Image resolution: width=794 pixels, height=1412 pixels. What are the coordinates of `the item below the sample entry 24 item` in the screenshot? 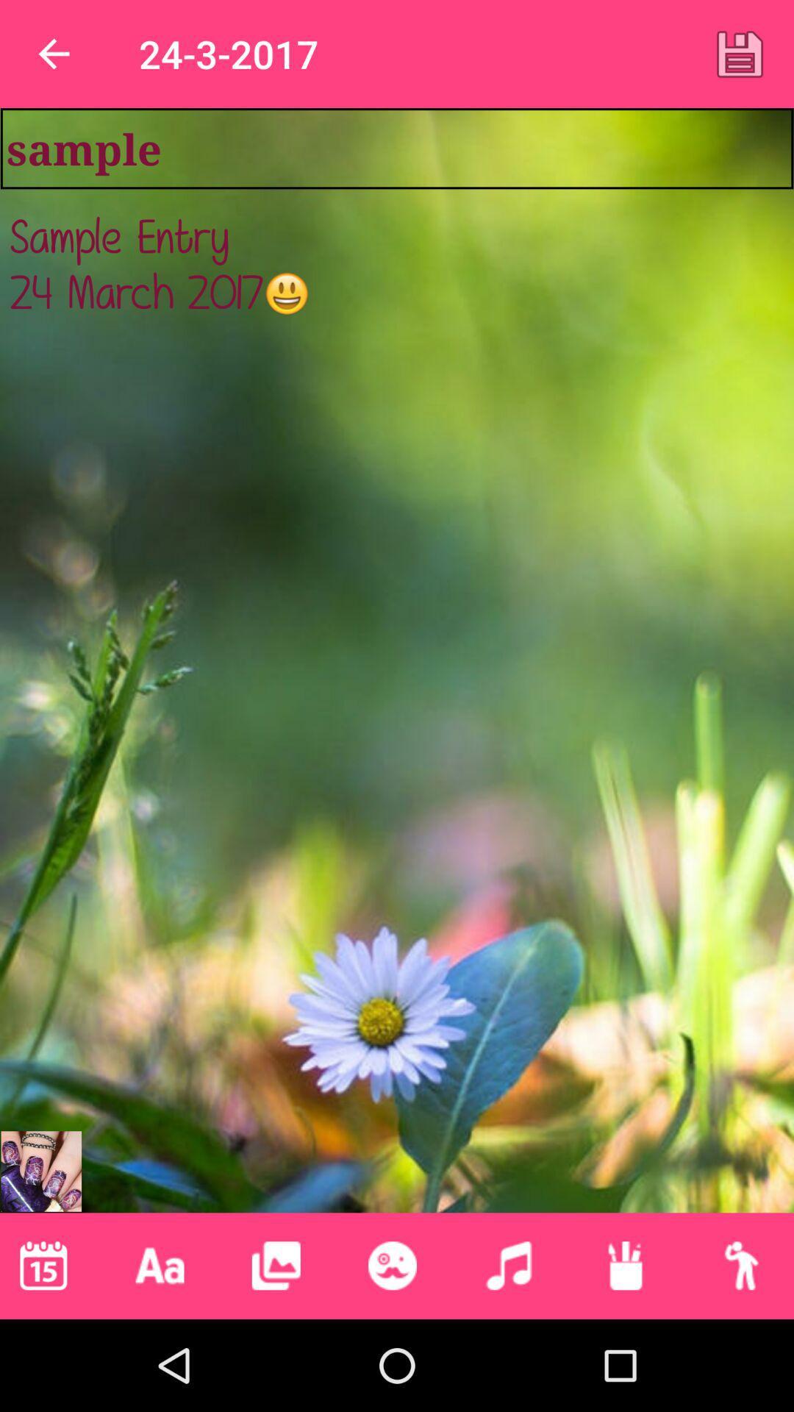 It's located at (160, 1265).